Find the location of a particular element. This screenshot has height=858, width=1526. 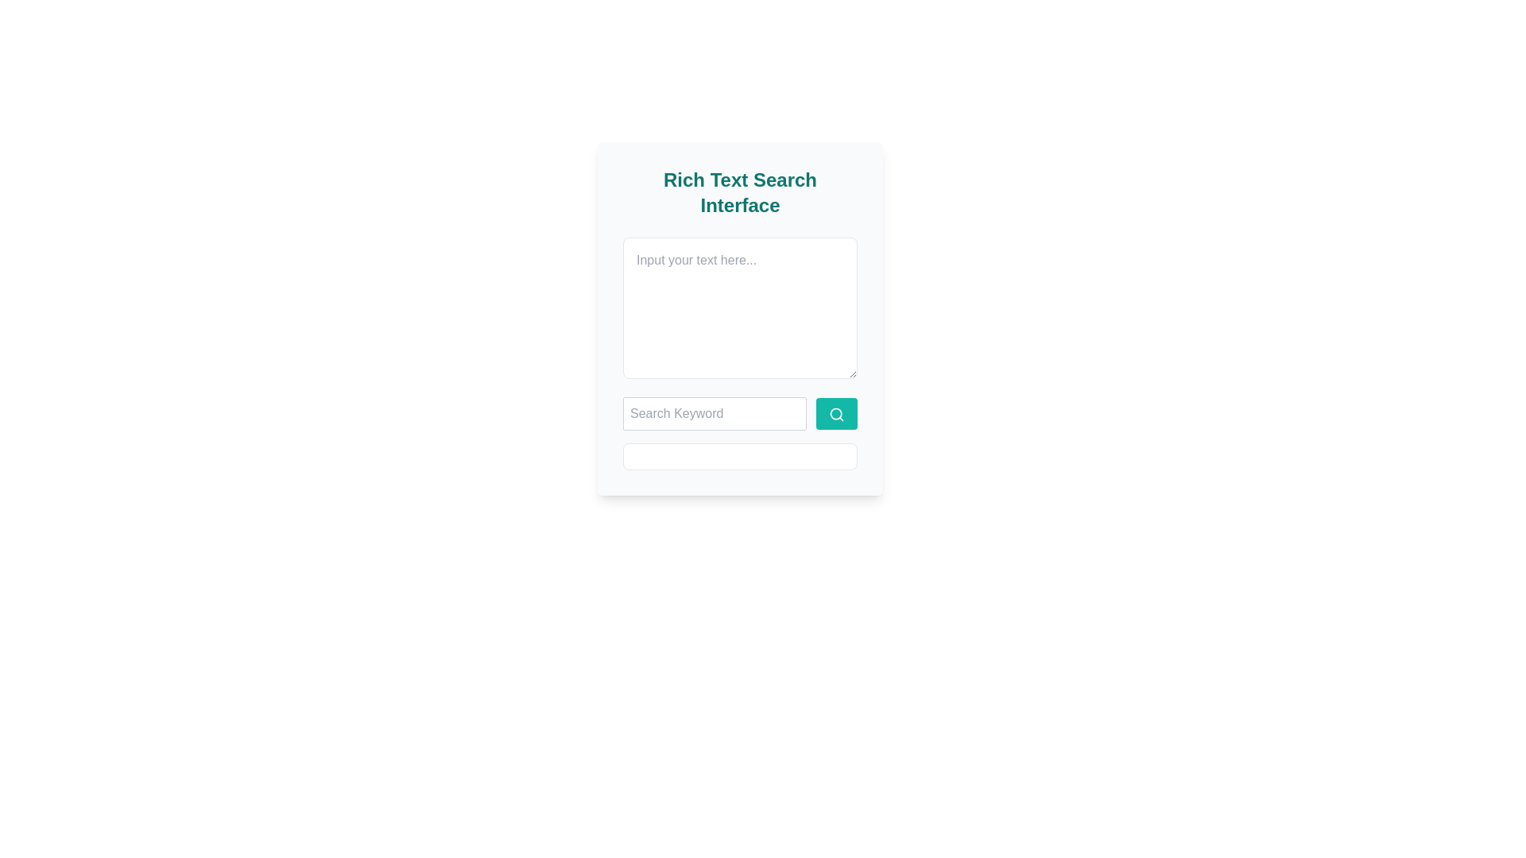

the decorative circle element located within the magnifying glass icon in the search interface is located at coordinates (835, 412).